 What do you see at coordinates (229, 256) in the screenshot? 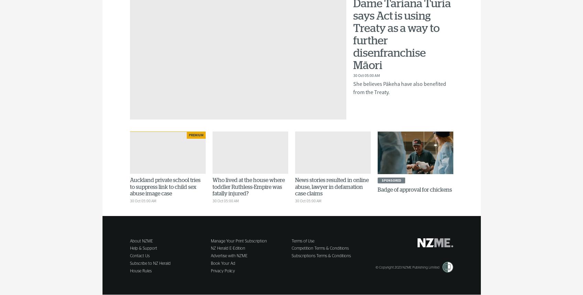
I see `'Advertise with NZME'` at bounding box center [229, 256].